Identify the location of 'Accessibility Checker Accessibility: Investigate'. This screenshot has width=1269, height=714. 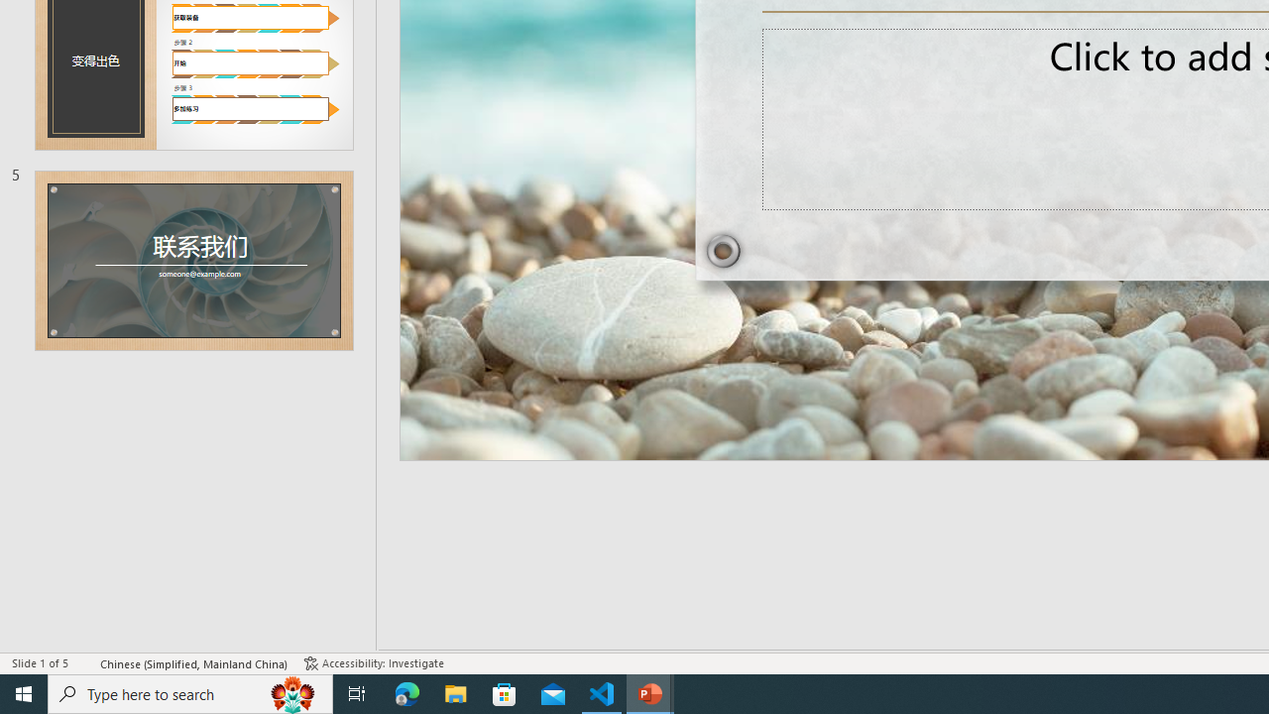
(374, 663).